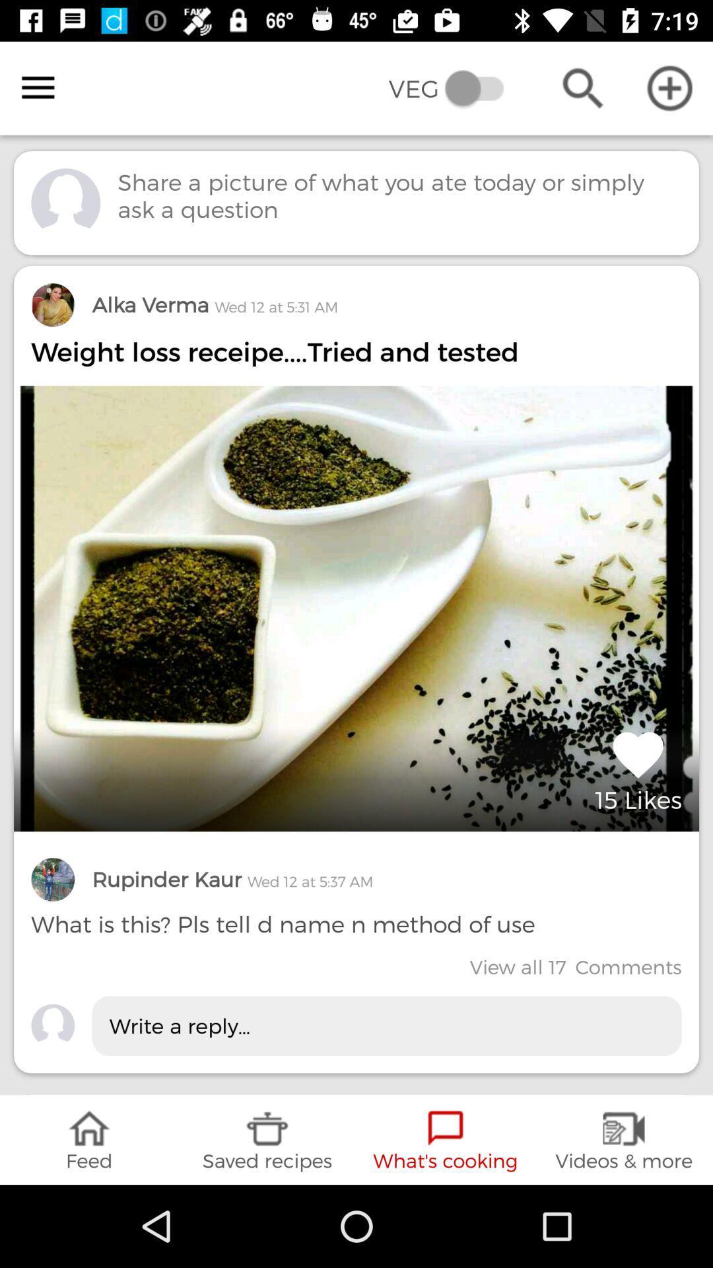 This screenshot has width=713, height=1268. I want to click on what's cooking, so click(446, 1139).